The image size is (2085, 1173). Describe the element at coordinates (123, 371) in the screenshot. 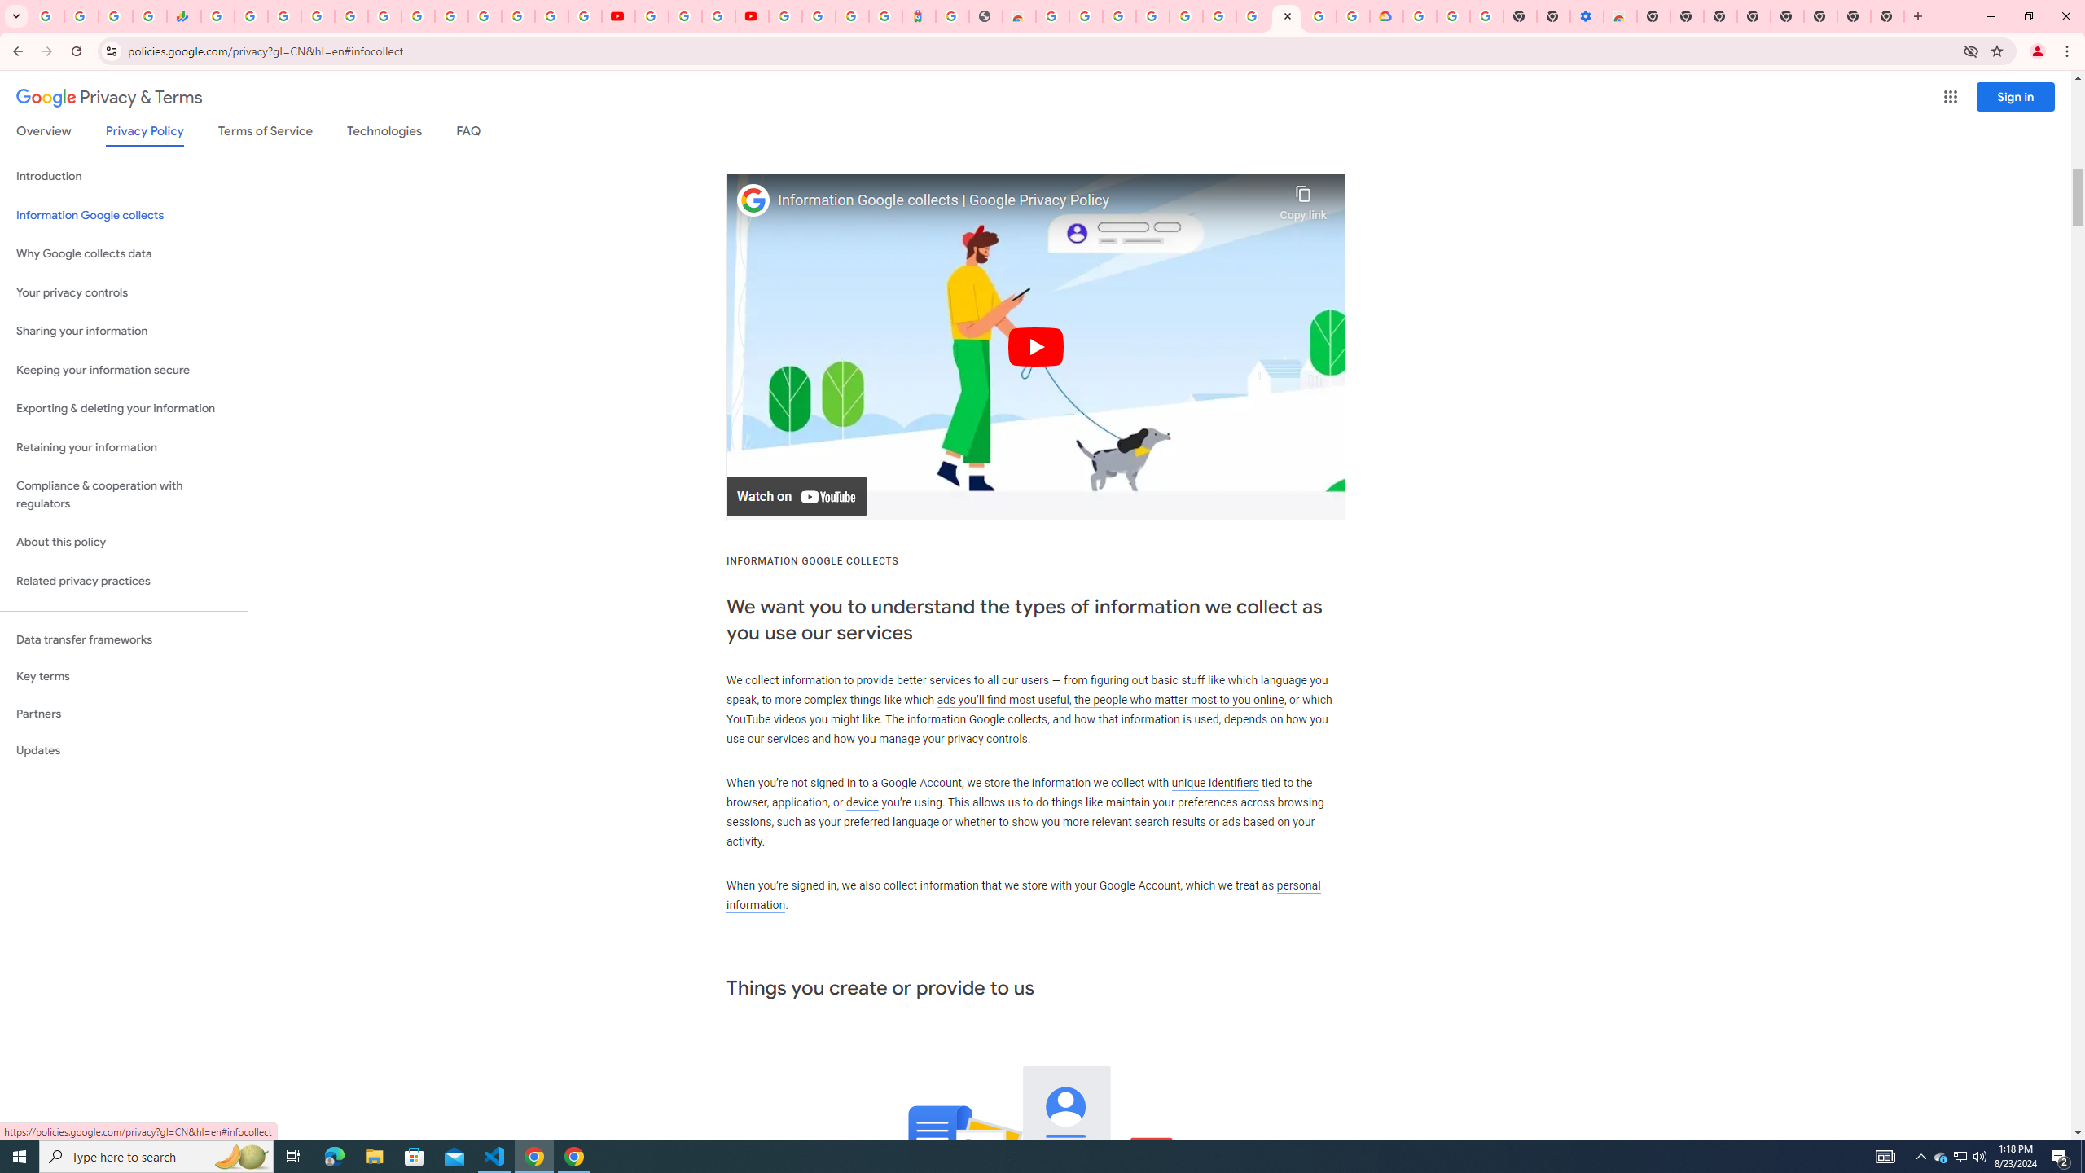

I see `'Keeping your information secure'` at that location.